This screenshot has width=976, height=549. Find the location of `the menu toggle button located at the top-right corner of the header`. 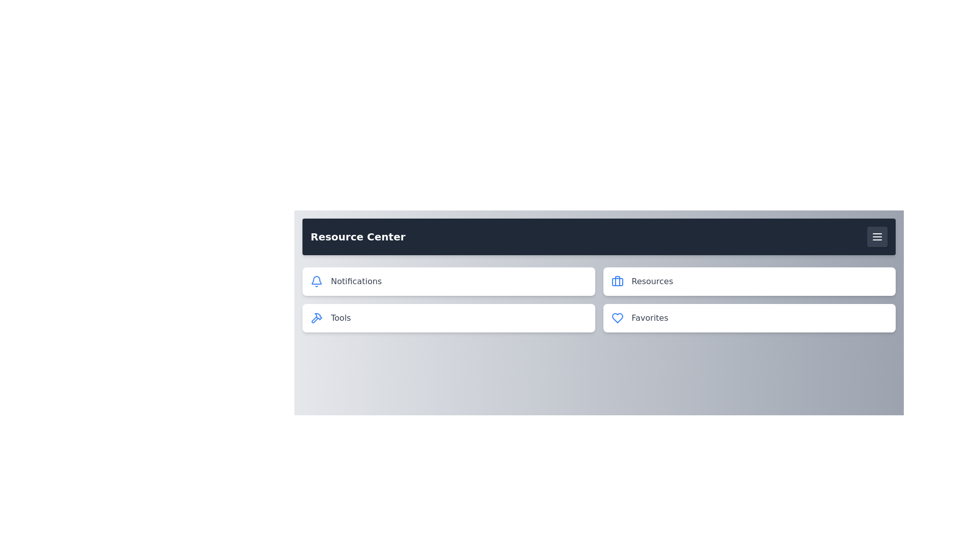

the menu toggle button located at the top-right corner of the header is located at coordinates (877, 237).